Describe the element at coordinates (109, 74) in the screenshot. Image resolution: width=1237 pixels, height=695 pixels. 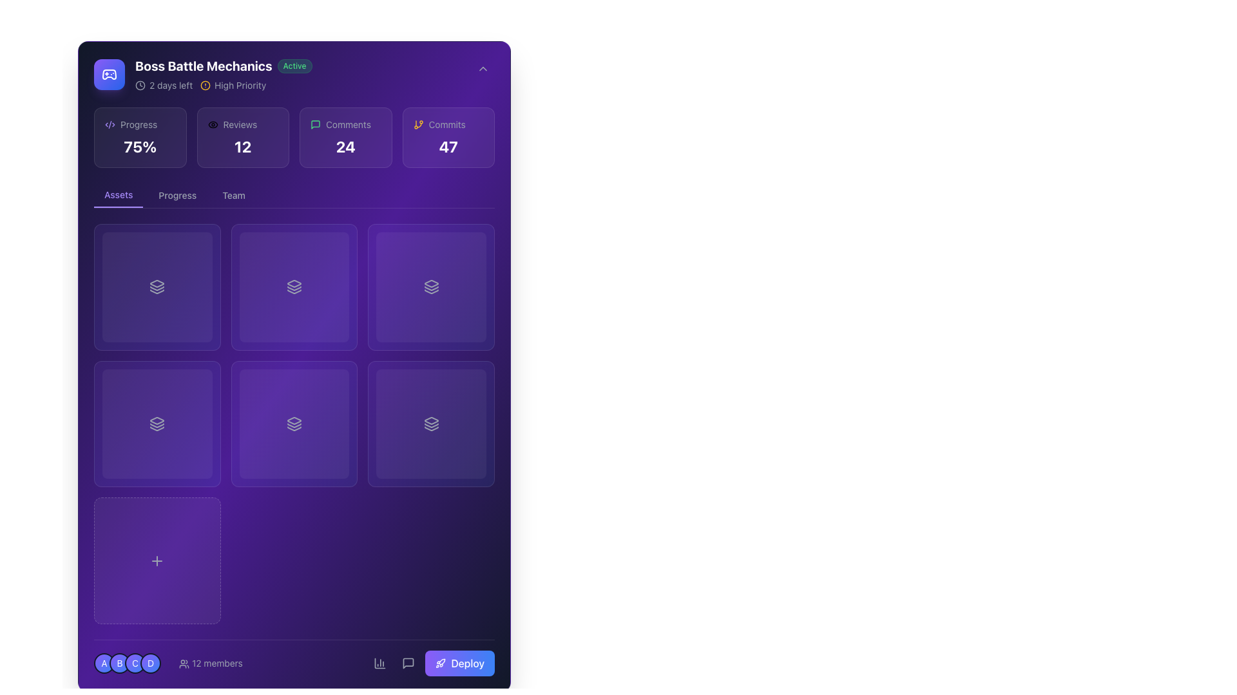
I see `the visual appearance of the decorative icon located to the left of the 'Boss Battle Mechanics' title in the header bar` at that location.